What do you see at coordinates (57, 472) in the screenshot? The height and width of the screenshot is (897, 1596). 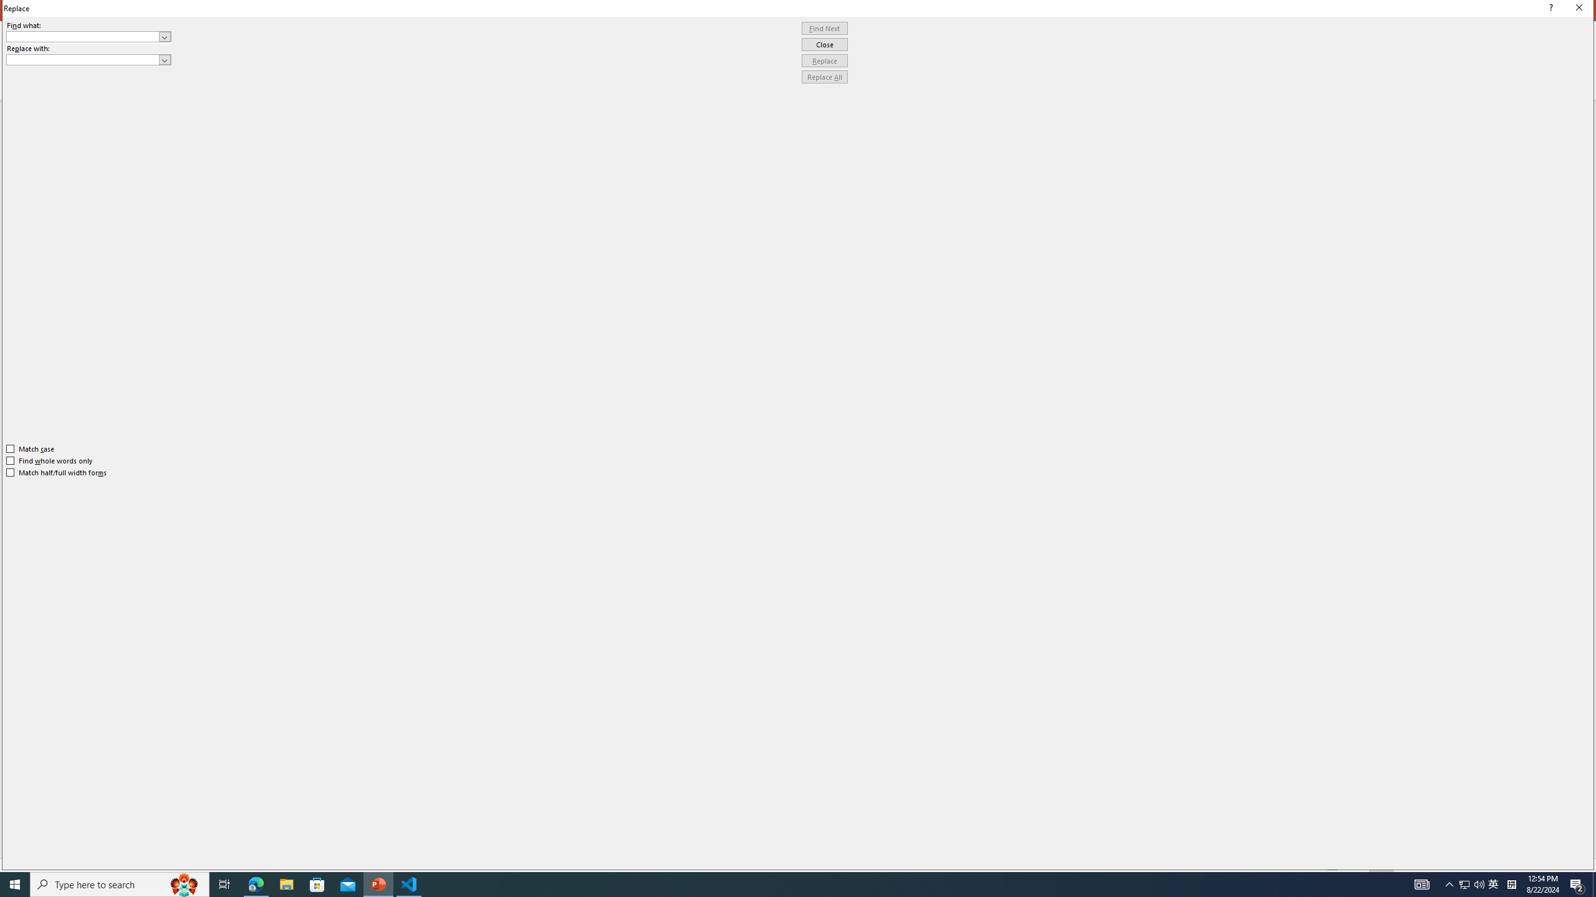 I see `'Match half/full width forms'` at bounding box center [57, 472].